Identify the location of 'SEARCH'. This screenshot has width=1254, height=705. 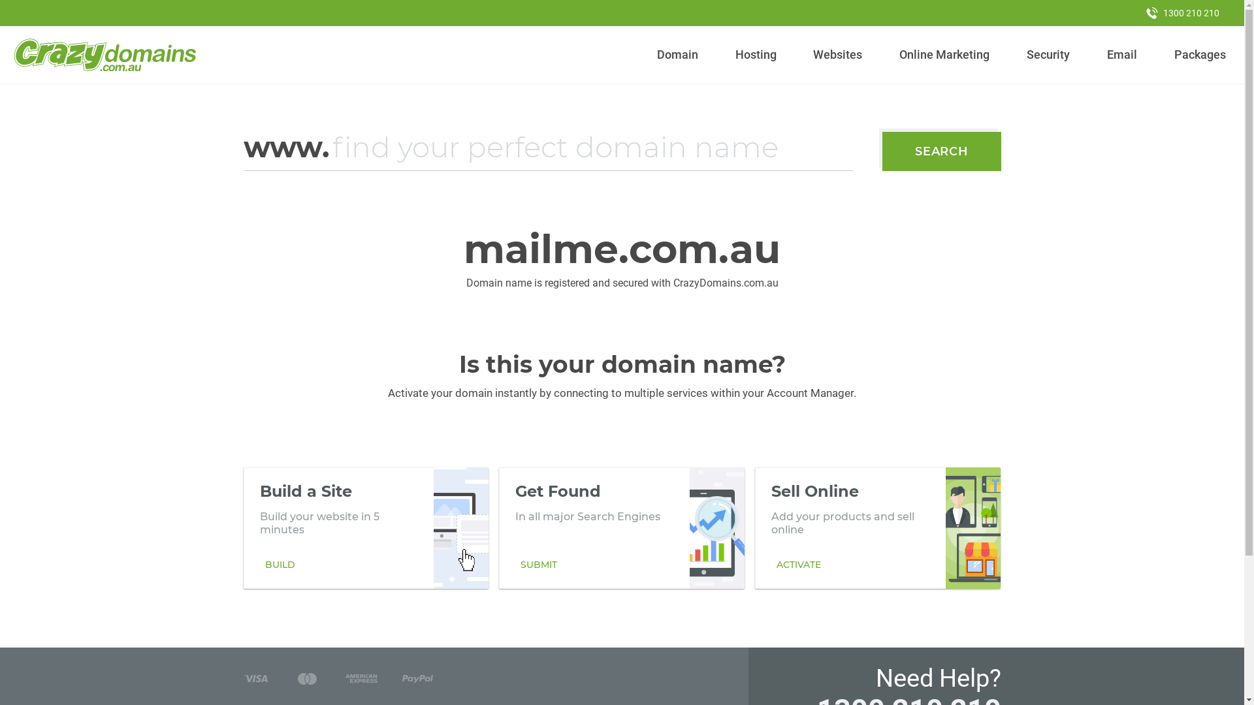
(941, 150).